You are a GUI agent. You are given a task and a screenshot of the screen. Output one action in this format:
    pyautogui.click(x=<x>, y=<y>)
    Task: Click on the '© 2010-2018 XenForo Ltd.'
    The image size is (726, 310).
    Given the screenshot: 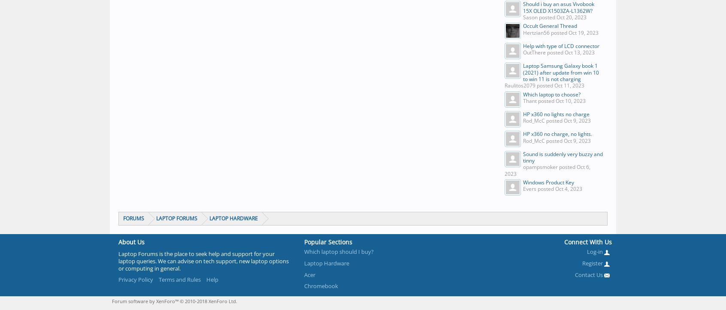 What is the action you would take?
    pyautogui.click(x=208, y=300)
    